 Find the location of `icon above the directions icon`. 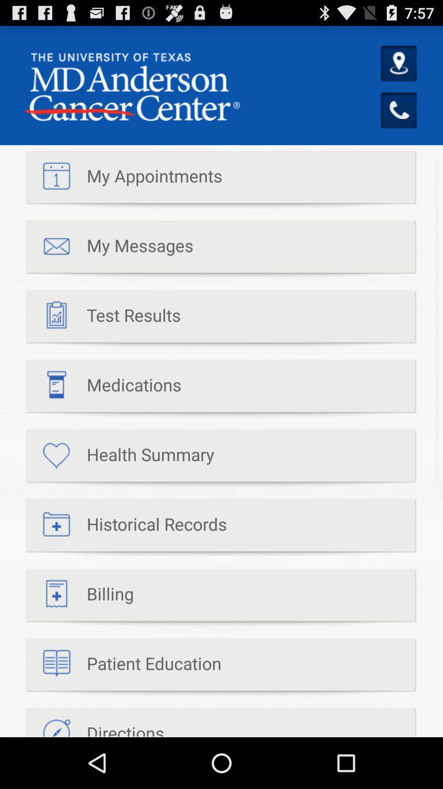

icon above the directions icon is located at coordinates (123, 667).